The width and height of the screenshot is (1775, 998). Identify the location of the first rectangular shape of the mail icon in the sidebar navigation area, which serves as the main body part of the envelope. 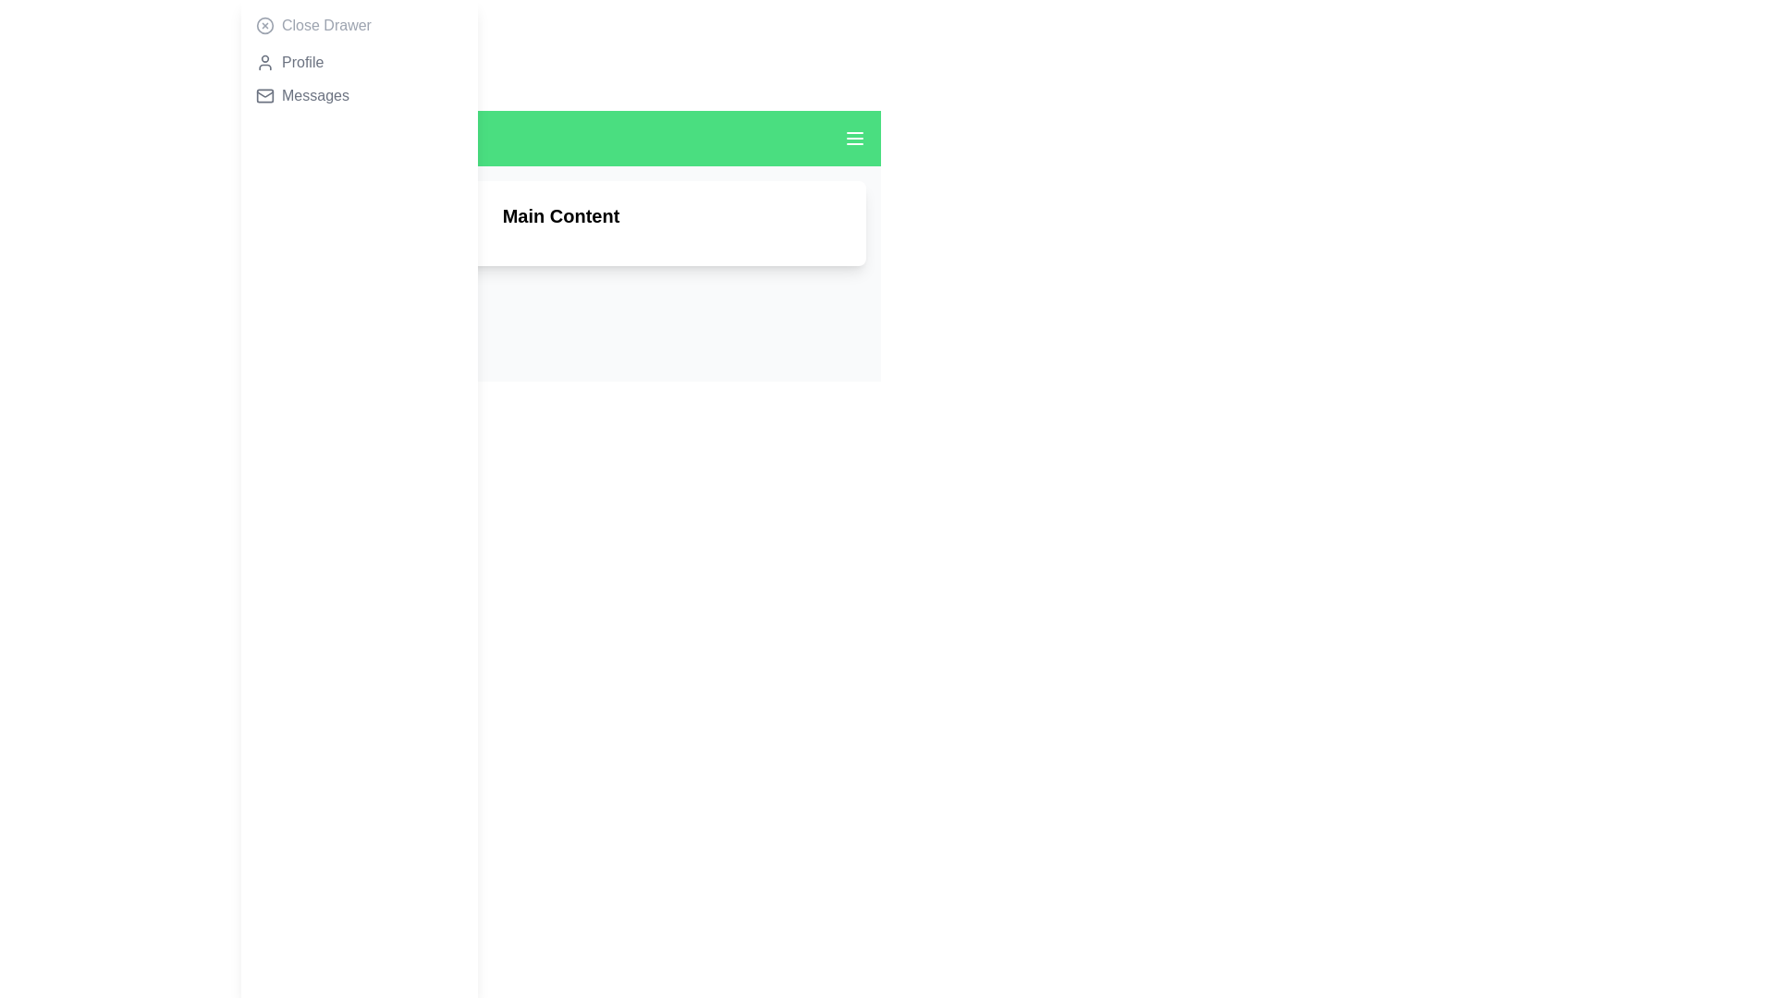
(264, 96).